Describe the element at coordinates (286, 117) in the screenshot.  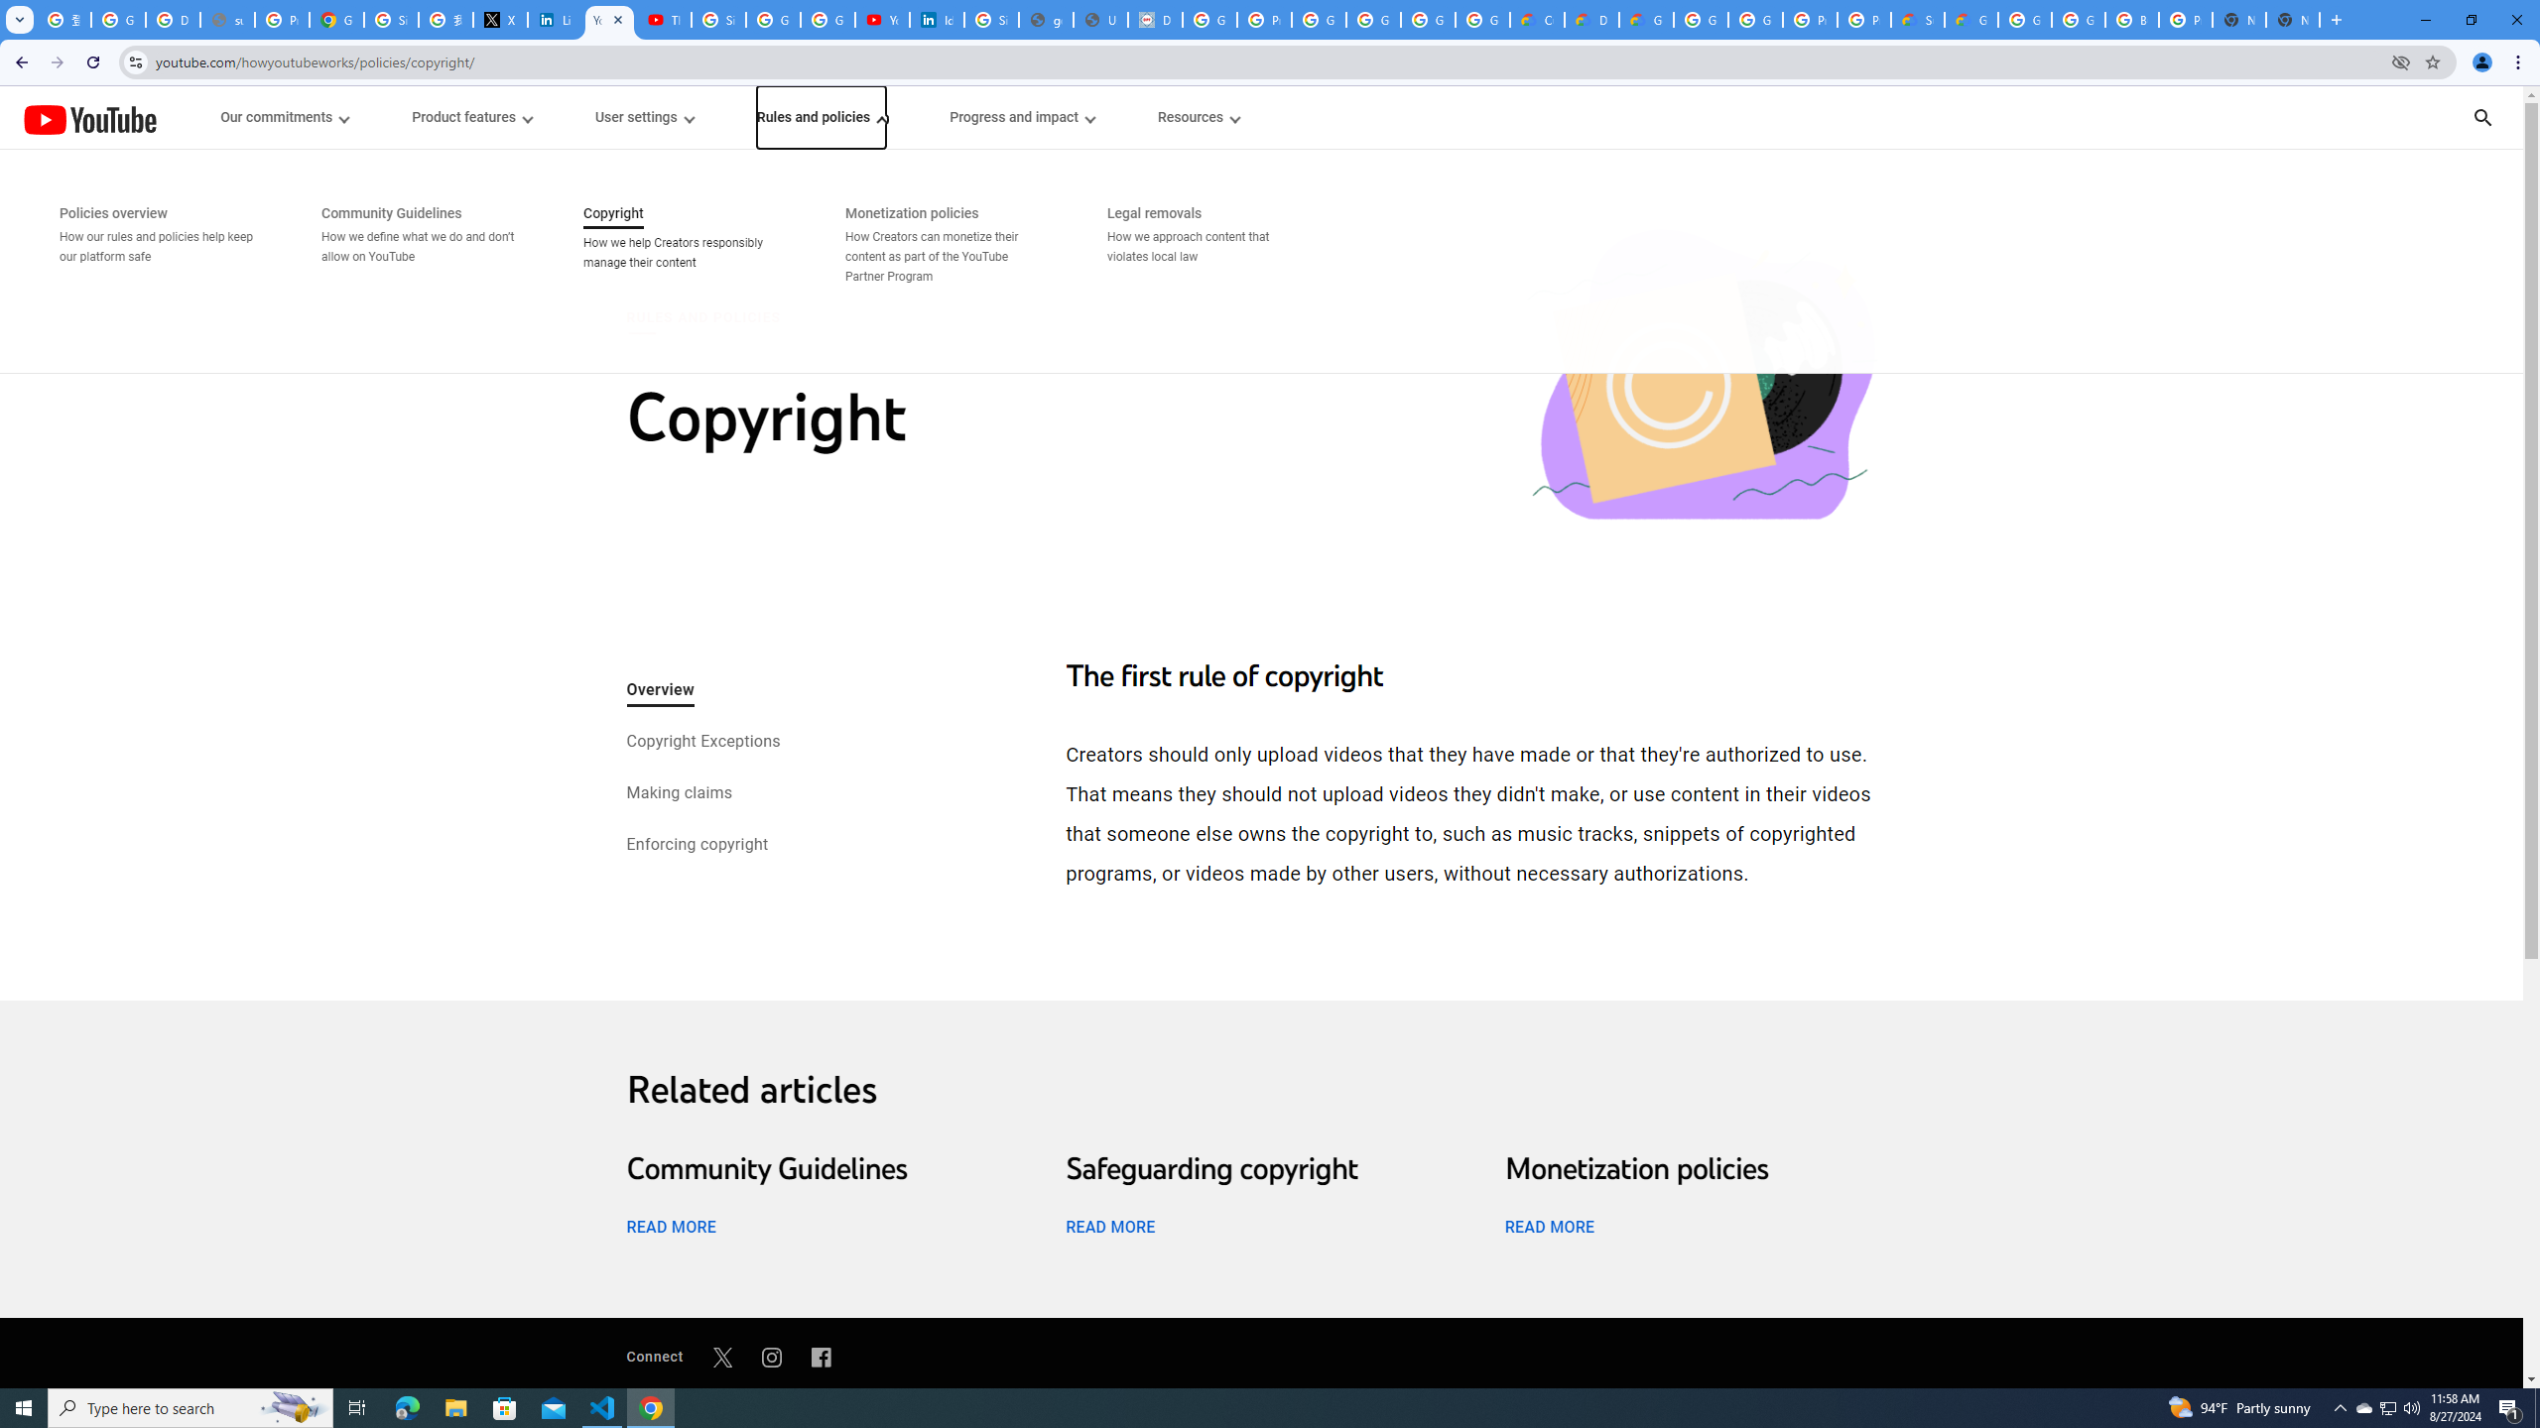
I see `'Our commitments menupopup'` at that location.